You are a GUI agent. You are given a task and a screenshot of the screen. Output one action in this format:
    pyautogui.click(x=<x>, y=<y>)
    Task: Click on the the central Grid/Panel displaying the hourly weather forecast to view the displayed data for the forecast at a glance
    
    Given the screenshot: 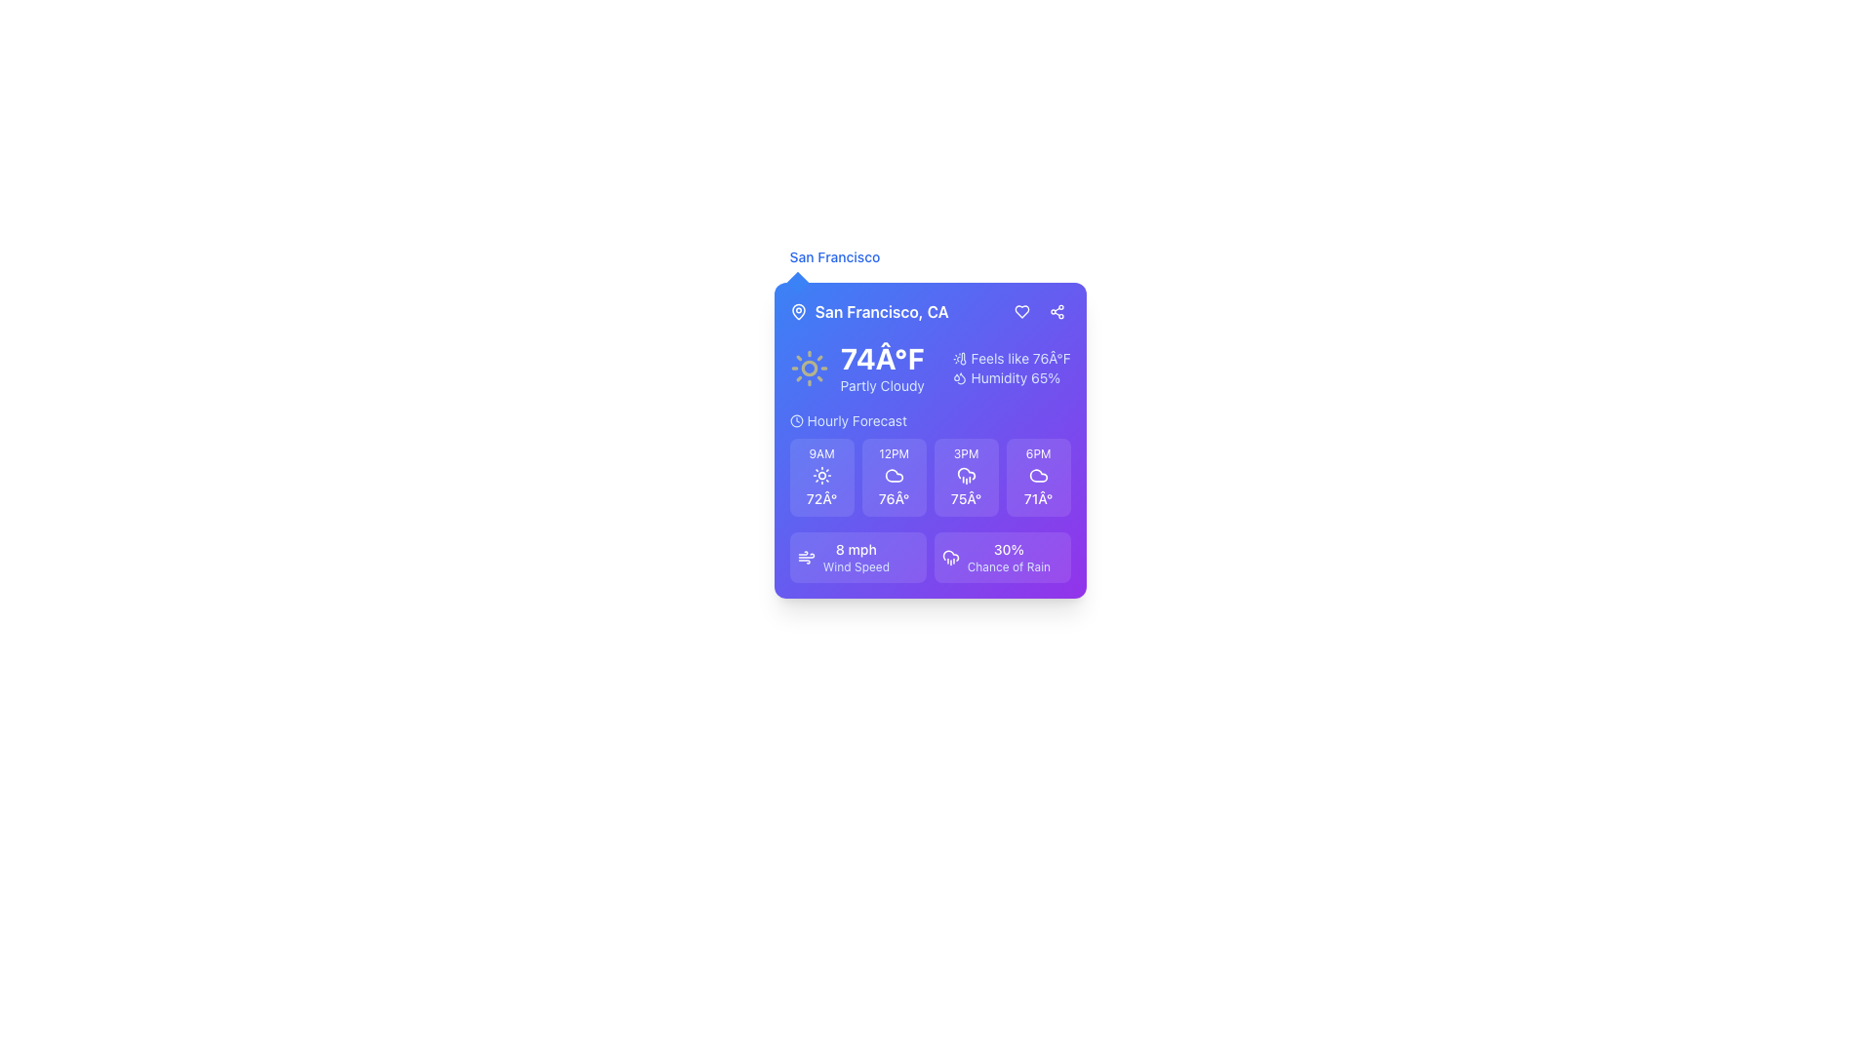 What is the action you would take?
    pyautogui.click(x=929, y=463)
    